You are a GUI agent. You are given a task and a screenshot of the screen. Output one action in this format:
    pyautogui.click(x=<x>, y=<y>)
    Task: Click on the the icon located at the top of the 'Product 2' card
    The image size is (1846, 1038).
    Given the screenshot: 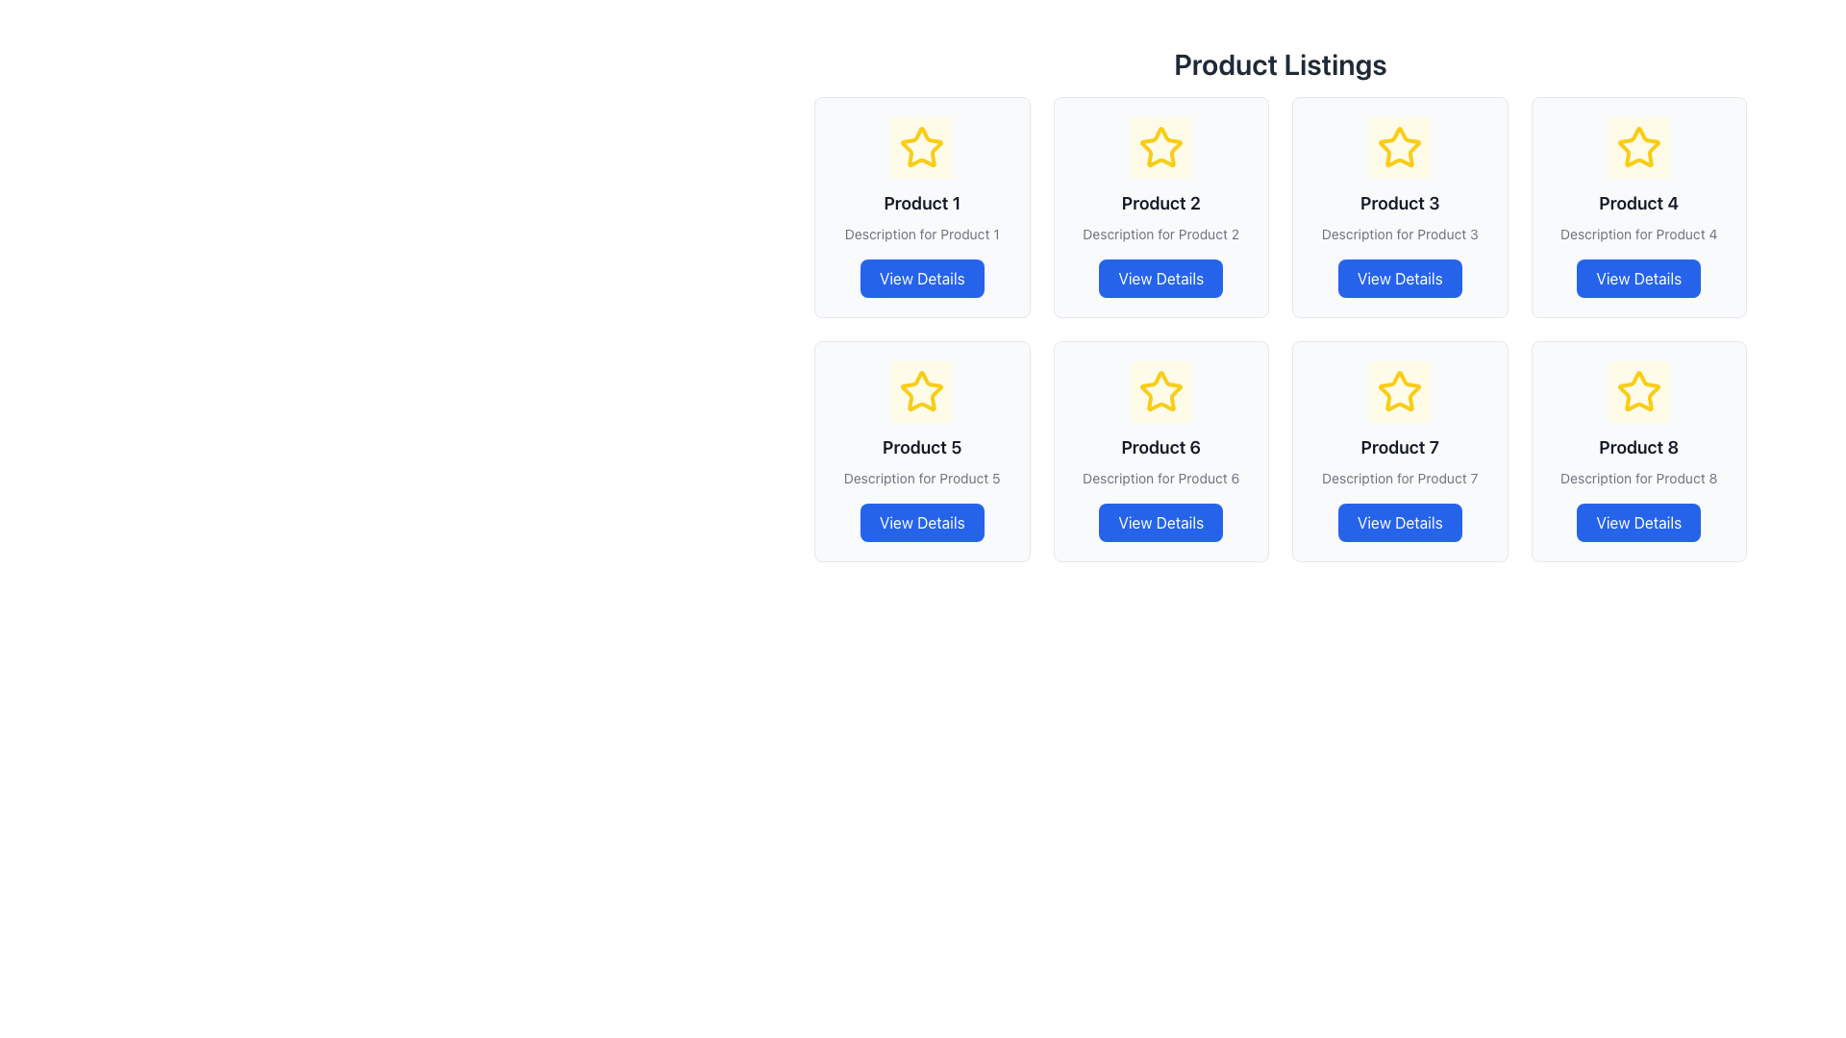 What is the action you would take?
    pyautogui.click(x=1160, y=147)
    